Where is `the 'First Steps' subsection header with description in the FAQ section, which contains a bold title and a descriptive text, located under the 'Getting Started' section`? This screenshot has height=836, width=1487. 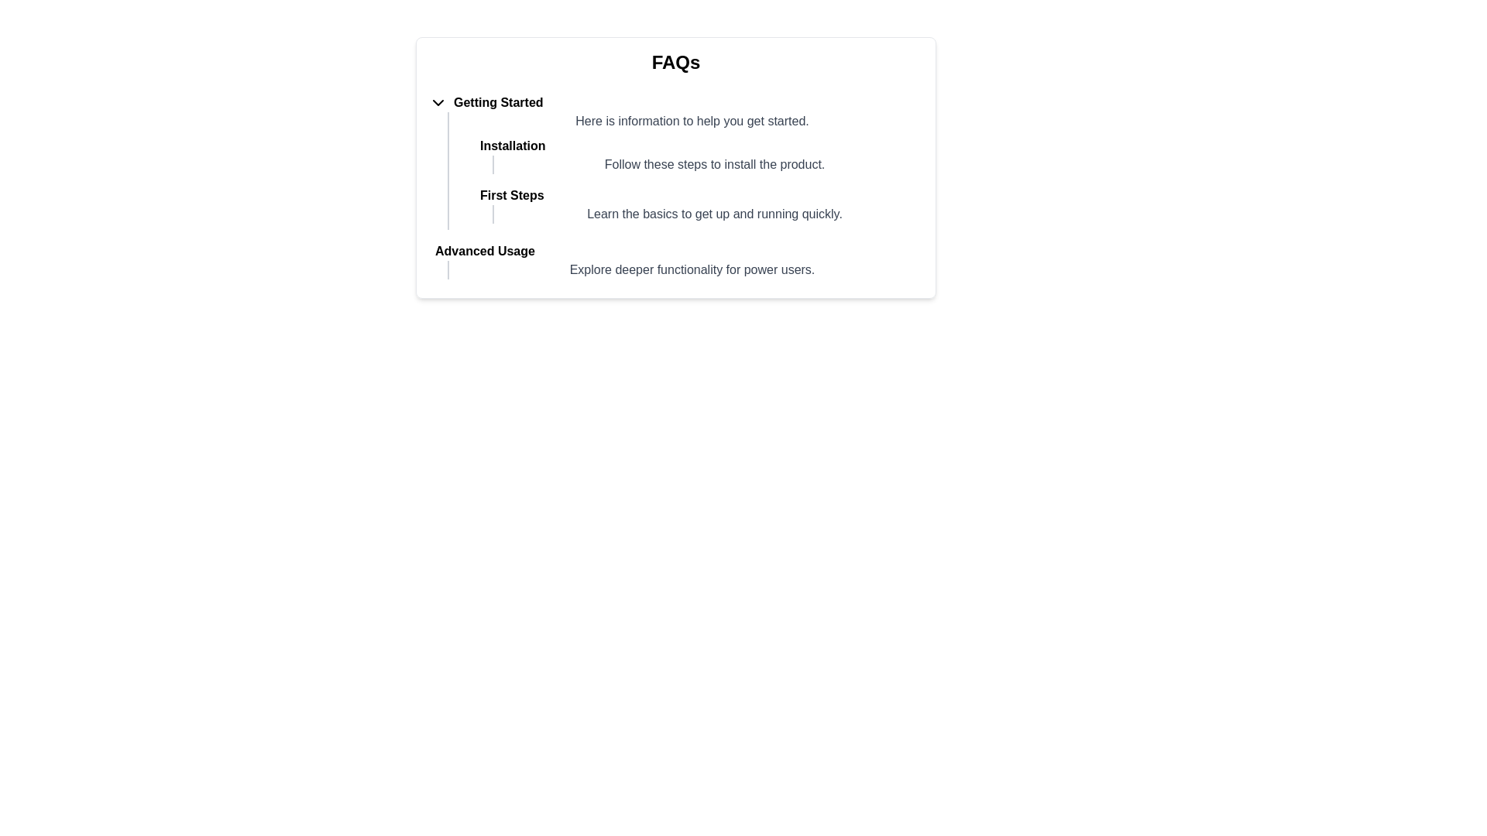 the 'First Steps' subsection header with description in the FAQ section, which contains a bold title and a descriptive text, located under the 'Getting Started' section is located at coordinates (691, 204).